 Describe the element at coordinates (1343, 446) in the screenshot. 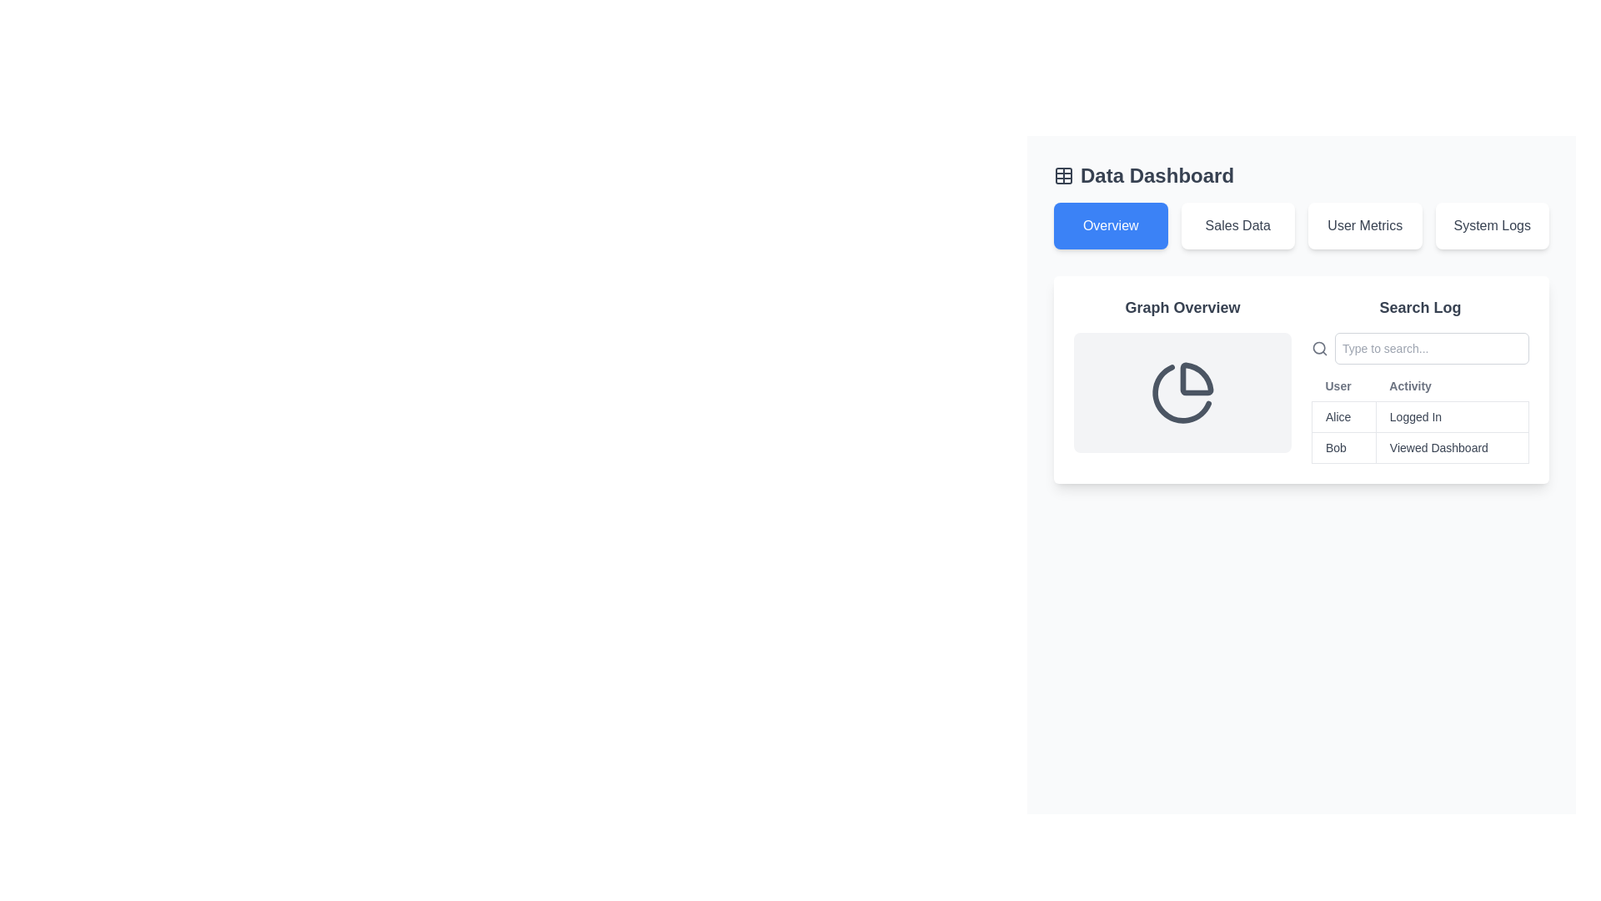

I see `the static text element displaying 'Bob' in the 'Search Log' section, located in the 'User' column of the first row` at that location.